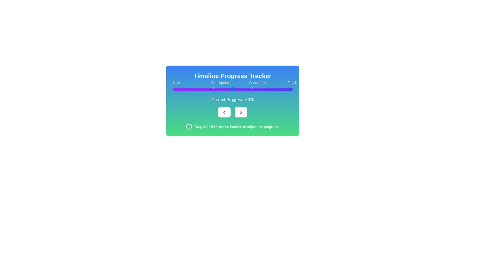  What do you see at coordinates (223, 89) in the screenshot?
I see `the progress` at bounding box center [223, 89].